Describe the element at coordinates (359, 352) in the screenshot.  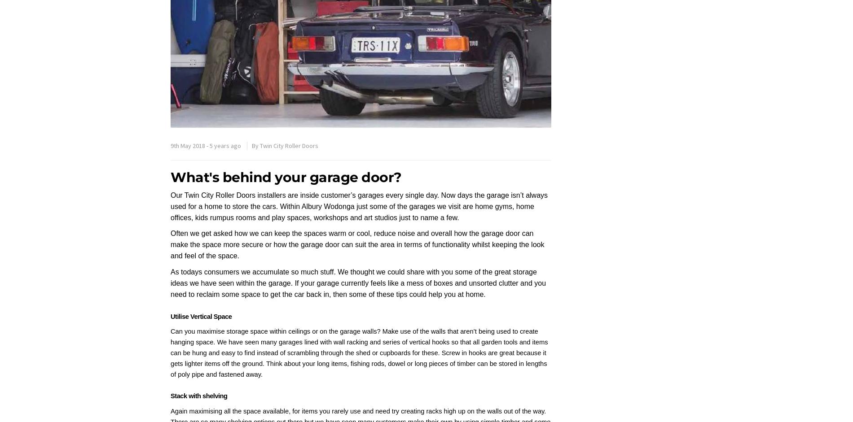
I see `'Can you maximise storage space within ceilings or on the garage walls? Make use of the walls that aren’t being used to create hanging space. We have seen many garages lined with wall racking and series of vertical hooks so that all garden tools and items can be hung and easy to find instead of scrambling through the shed or cupboards for these. Screw in hooks are great because it gets lighter items off the ground. Think about your long items, fishing rods, dowel or long pieces of timber can be stored in lengths of poly pipe and fastened away.'` at that location.